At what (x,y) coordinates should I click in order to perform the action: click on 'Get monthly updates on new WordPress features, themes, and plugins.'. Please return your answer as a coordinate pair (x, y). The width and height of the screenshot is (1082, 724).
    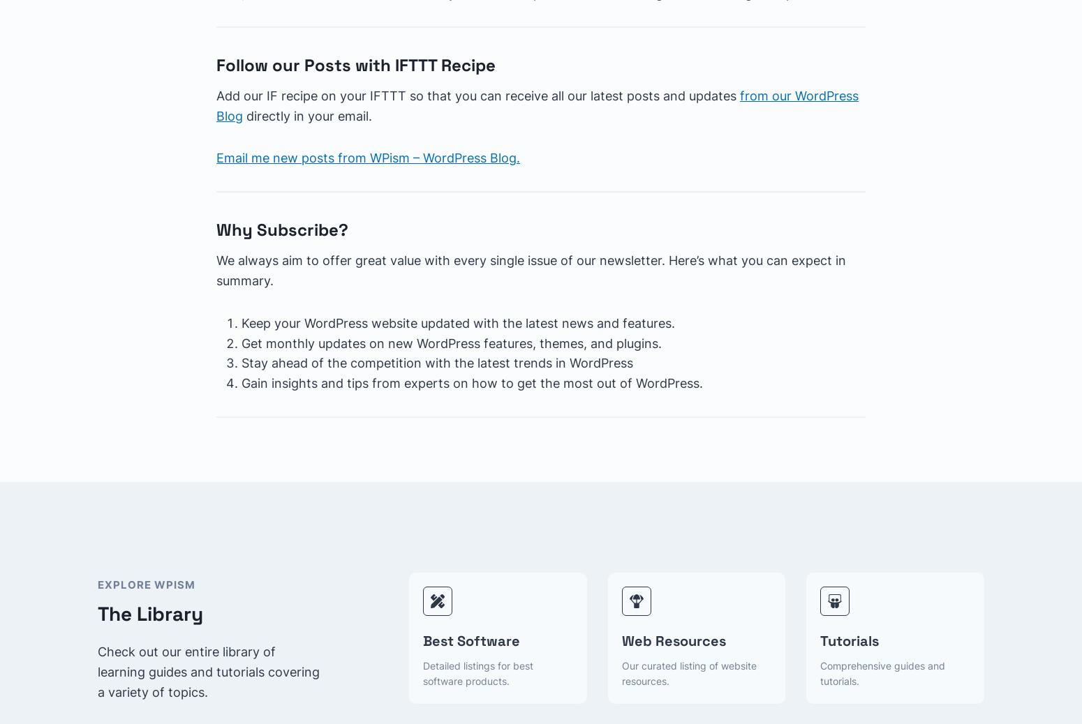
    Looking at the image, I should click on (450, 342).